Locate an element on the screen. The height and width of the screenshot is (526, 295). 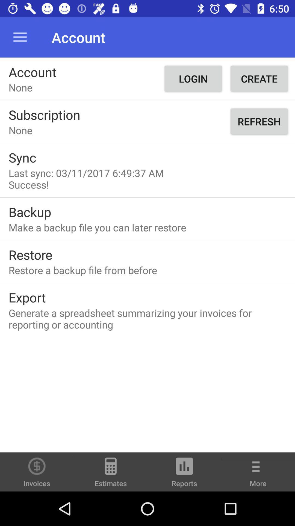
the icon next to the account is located at coordinates (193, 78).